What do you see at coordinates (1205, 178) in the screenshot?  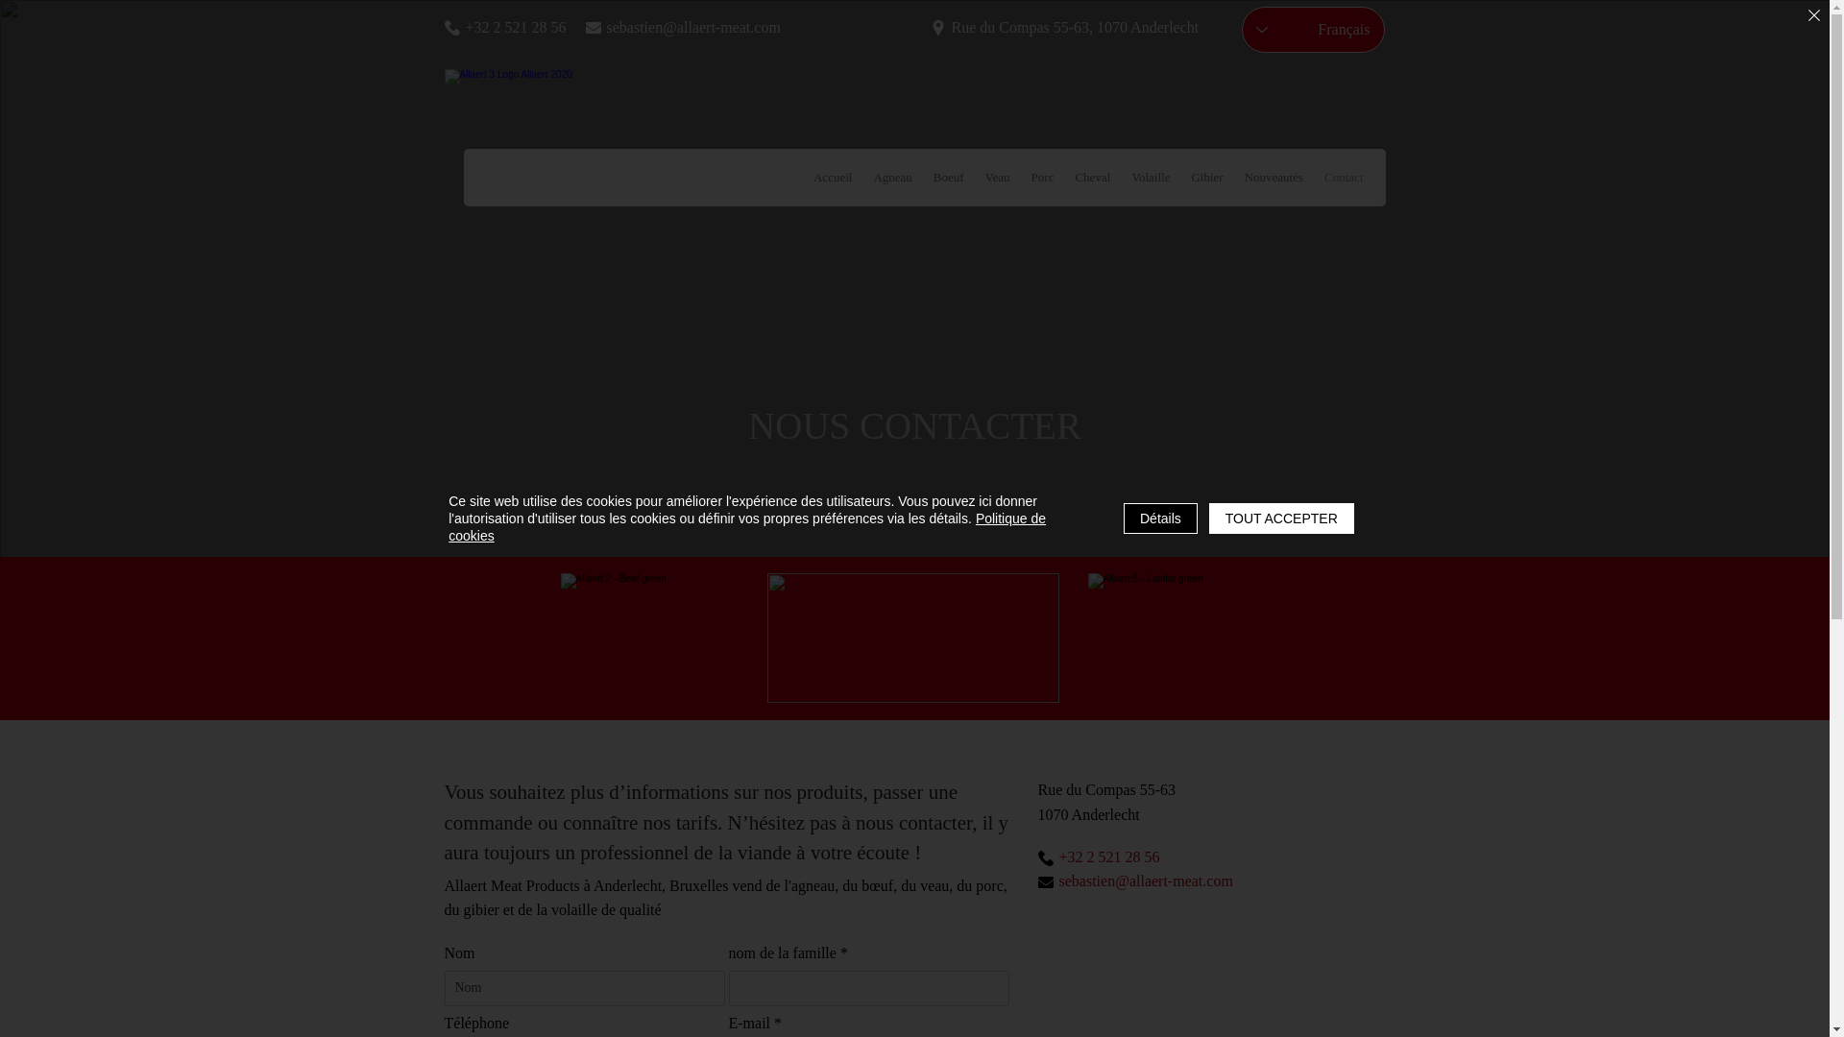 I see `'Gibier'` at bounding box center [1205, 178].